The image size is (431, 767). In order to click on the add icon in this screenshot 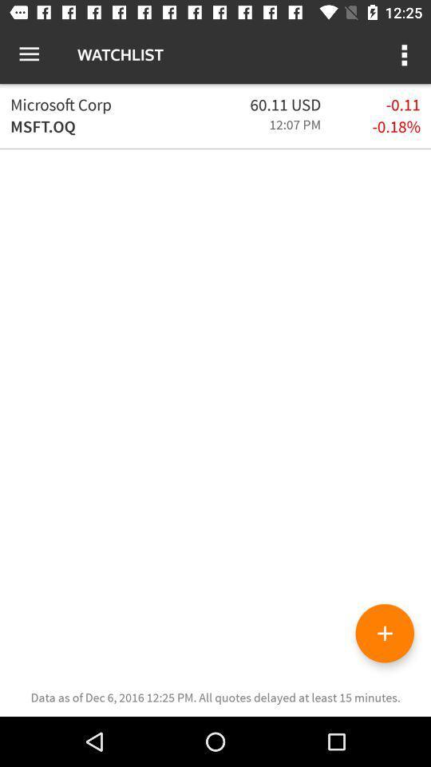, I will do `click(384, 633)`.